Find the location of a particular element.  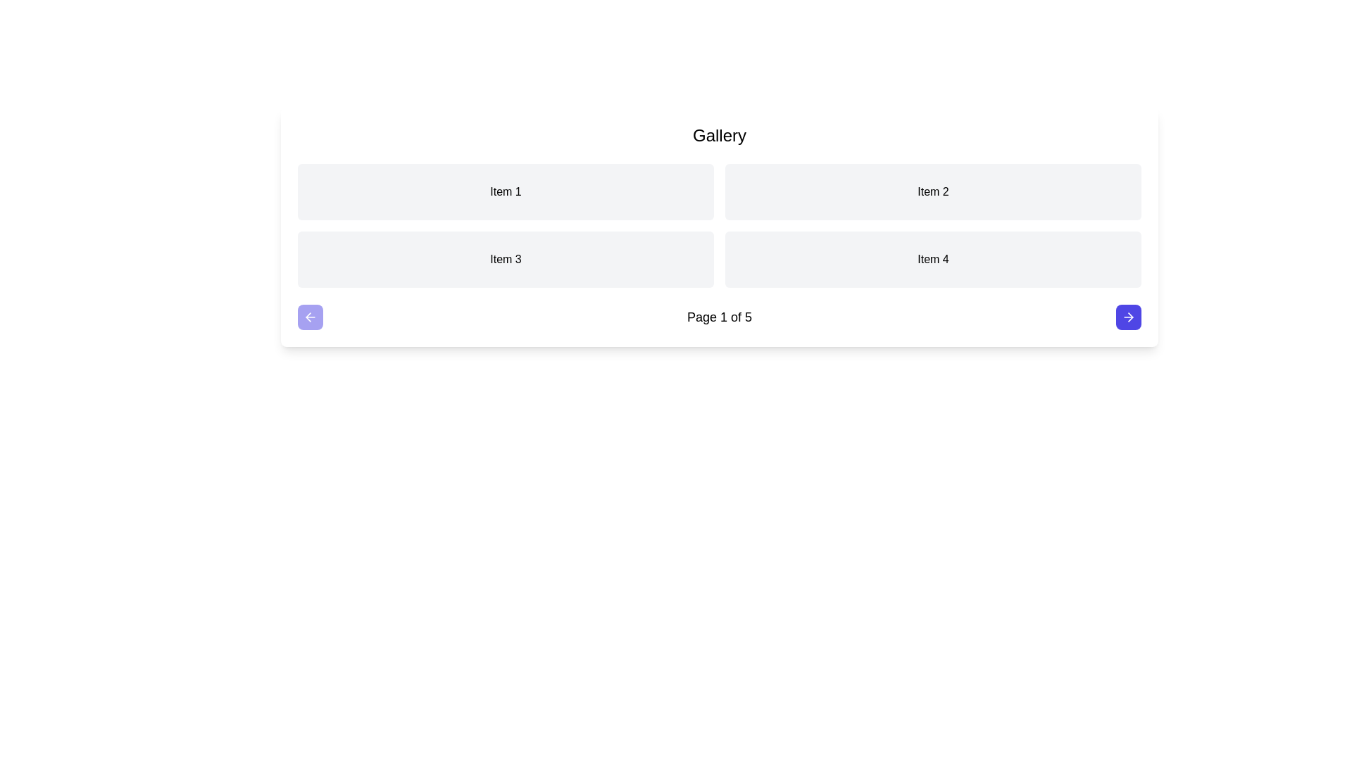

the button containing the left-pointing arrow icon with a simplistic design and a purple background located at the bottom-left corner of the visible interface is located at coordinates (310, 317).